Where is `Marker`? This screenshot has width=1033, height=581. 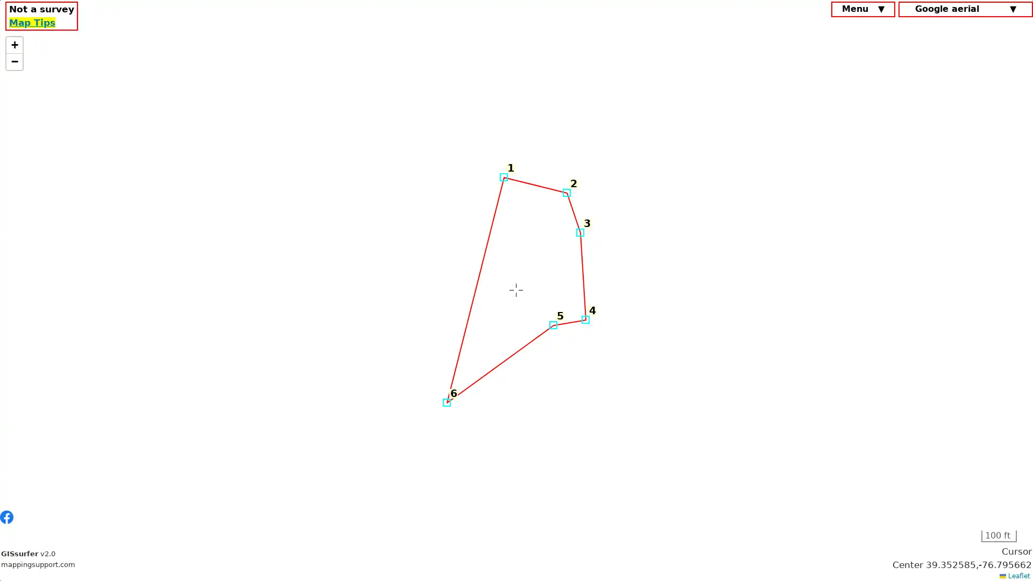
Marker is located at coordinates (515, 289).